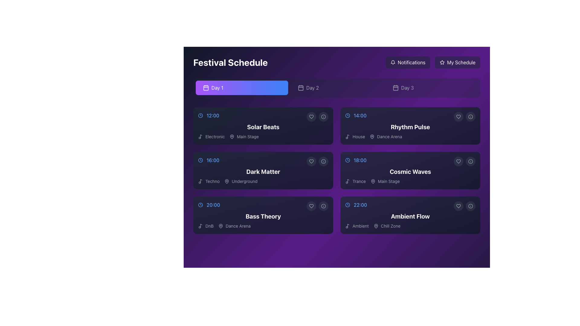  Describe the element at coordinates (348, 115) in the screenshot. I see `the outer circular part of the clock icon for 'Rhythm Pulse' at time '14:00', located in the second block of the first row` at that location.